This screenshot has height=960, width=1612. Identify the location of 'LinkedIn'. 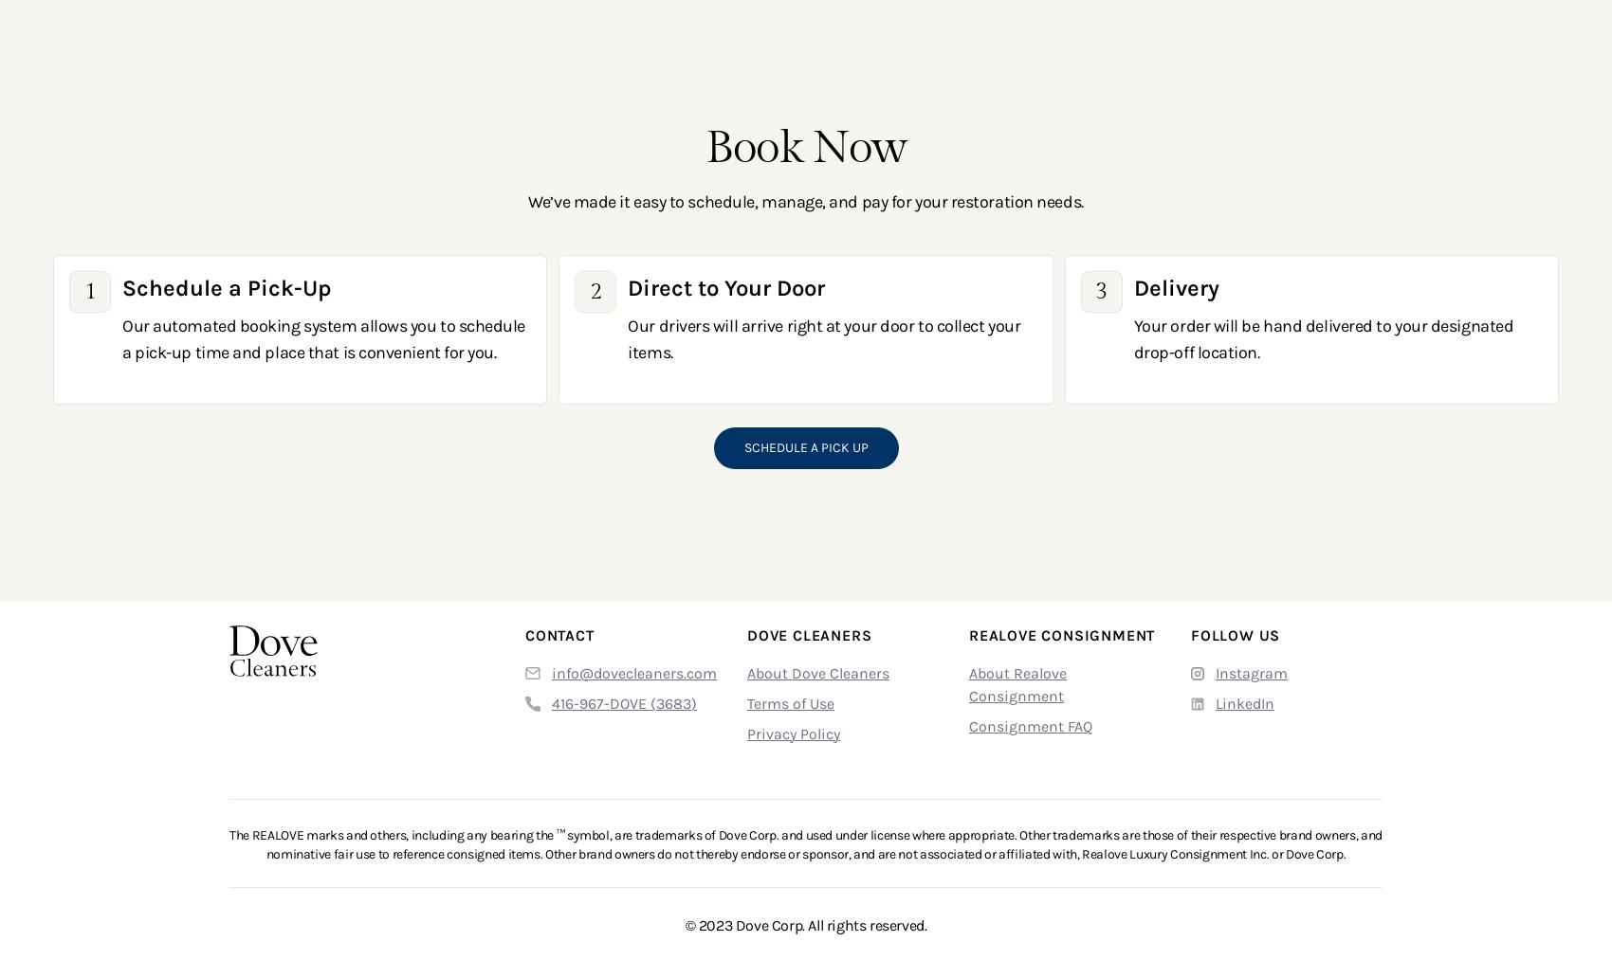
(1245, 702).